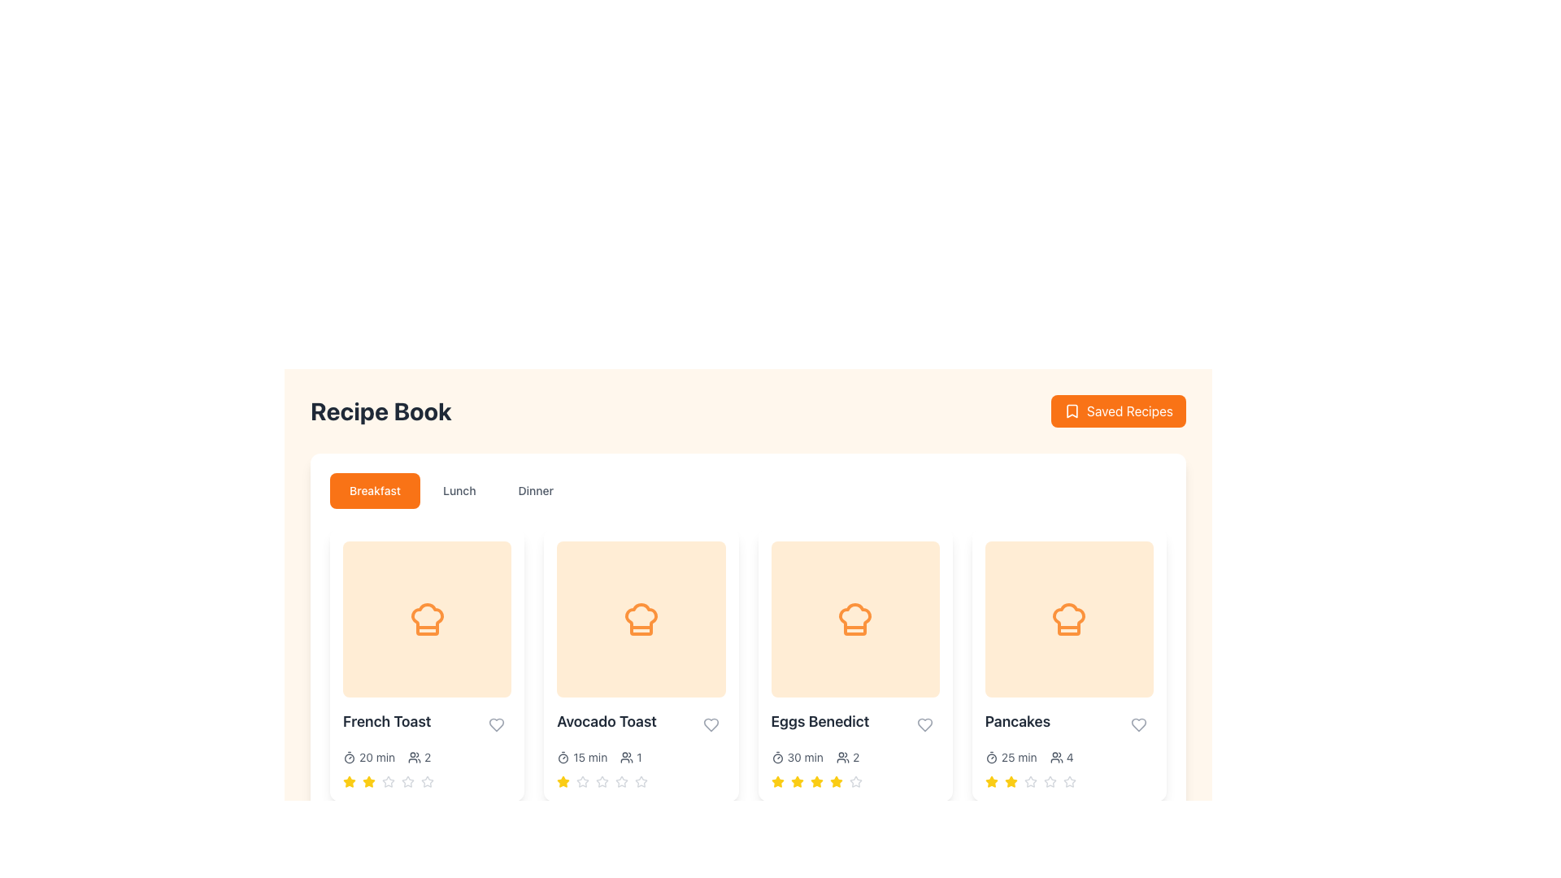  Describe the element at coordinates (815, 780) in the screenshot. I see `the highlighted third star icon in the rating system under the 'Eggs Benedict' recipe card` at that location.